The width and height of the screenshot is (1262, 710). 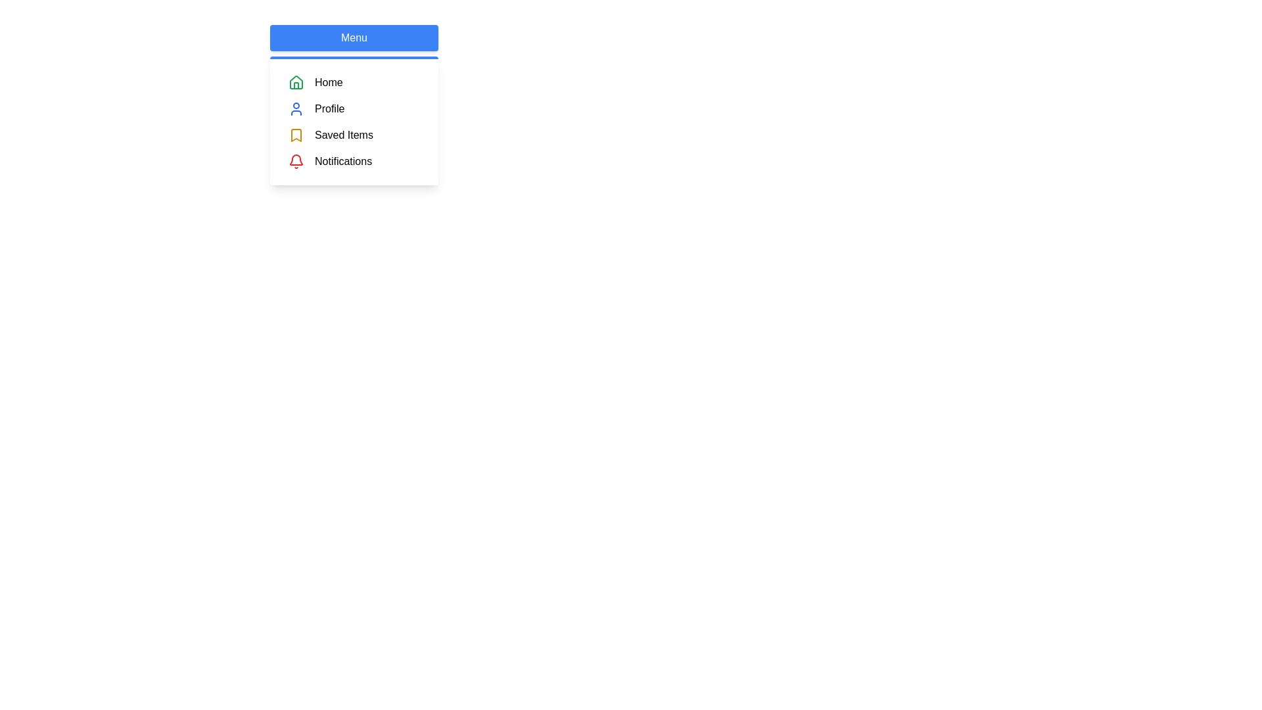 I want to click on the 'Menu' button to toggle the menu visibility, so click(x=354, y=37).